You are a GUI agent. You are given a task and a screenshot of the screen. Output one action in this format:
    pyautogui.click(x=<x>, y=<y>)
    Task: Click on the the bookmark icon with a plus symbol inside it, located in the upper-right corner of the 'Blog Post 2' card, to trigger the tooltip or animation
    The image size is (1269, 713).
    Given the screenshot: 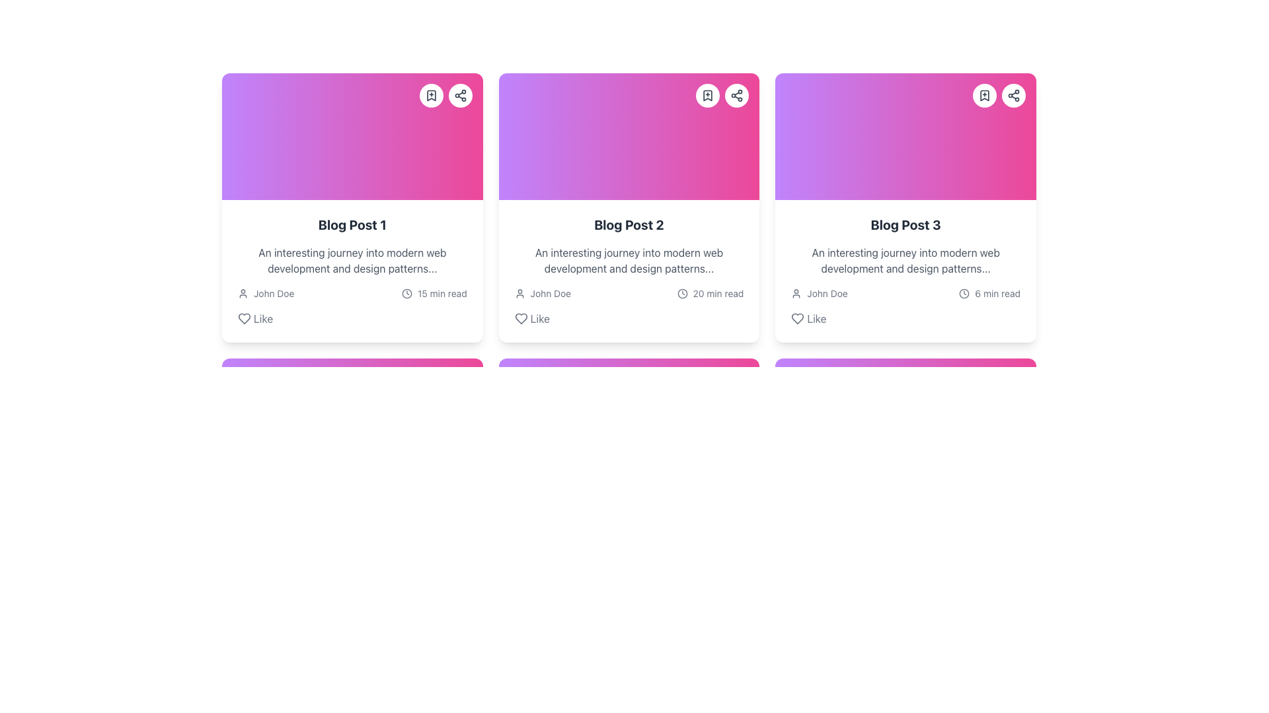 What is the action you would take?
    pyautogui.click(x=707, y=95)
    